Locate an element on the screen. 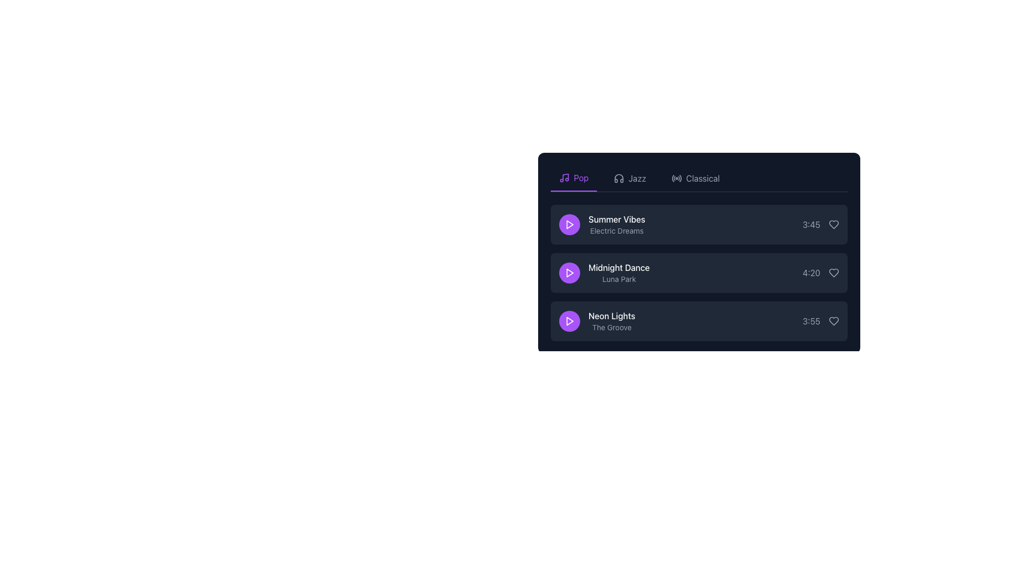 The image size is (1009, 567). the headphone icon in the navigation bar is located at coordinates (619, 177).